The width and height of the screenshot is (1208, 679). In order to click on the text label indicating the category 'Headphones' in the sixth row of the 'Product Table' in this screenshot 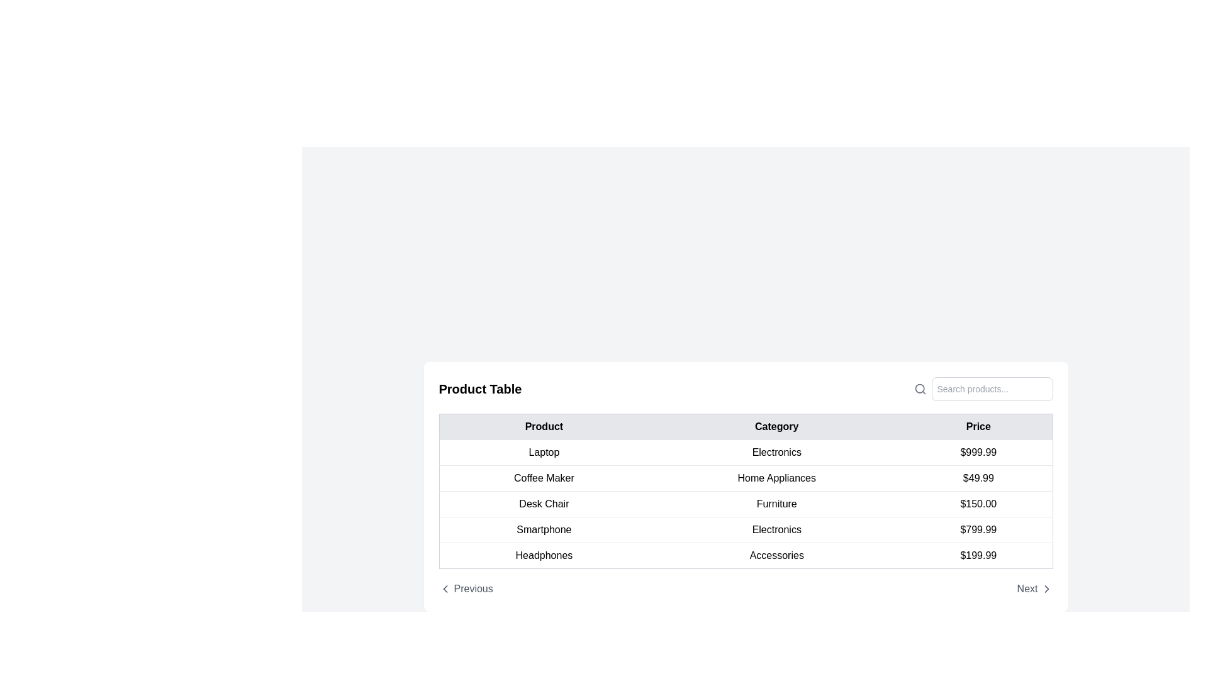, I will do `click(776, 555)`.